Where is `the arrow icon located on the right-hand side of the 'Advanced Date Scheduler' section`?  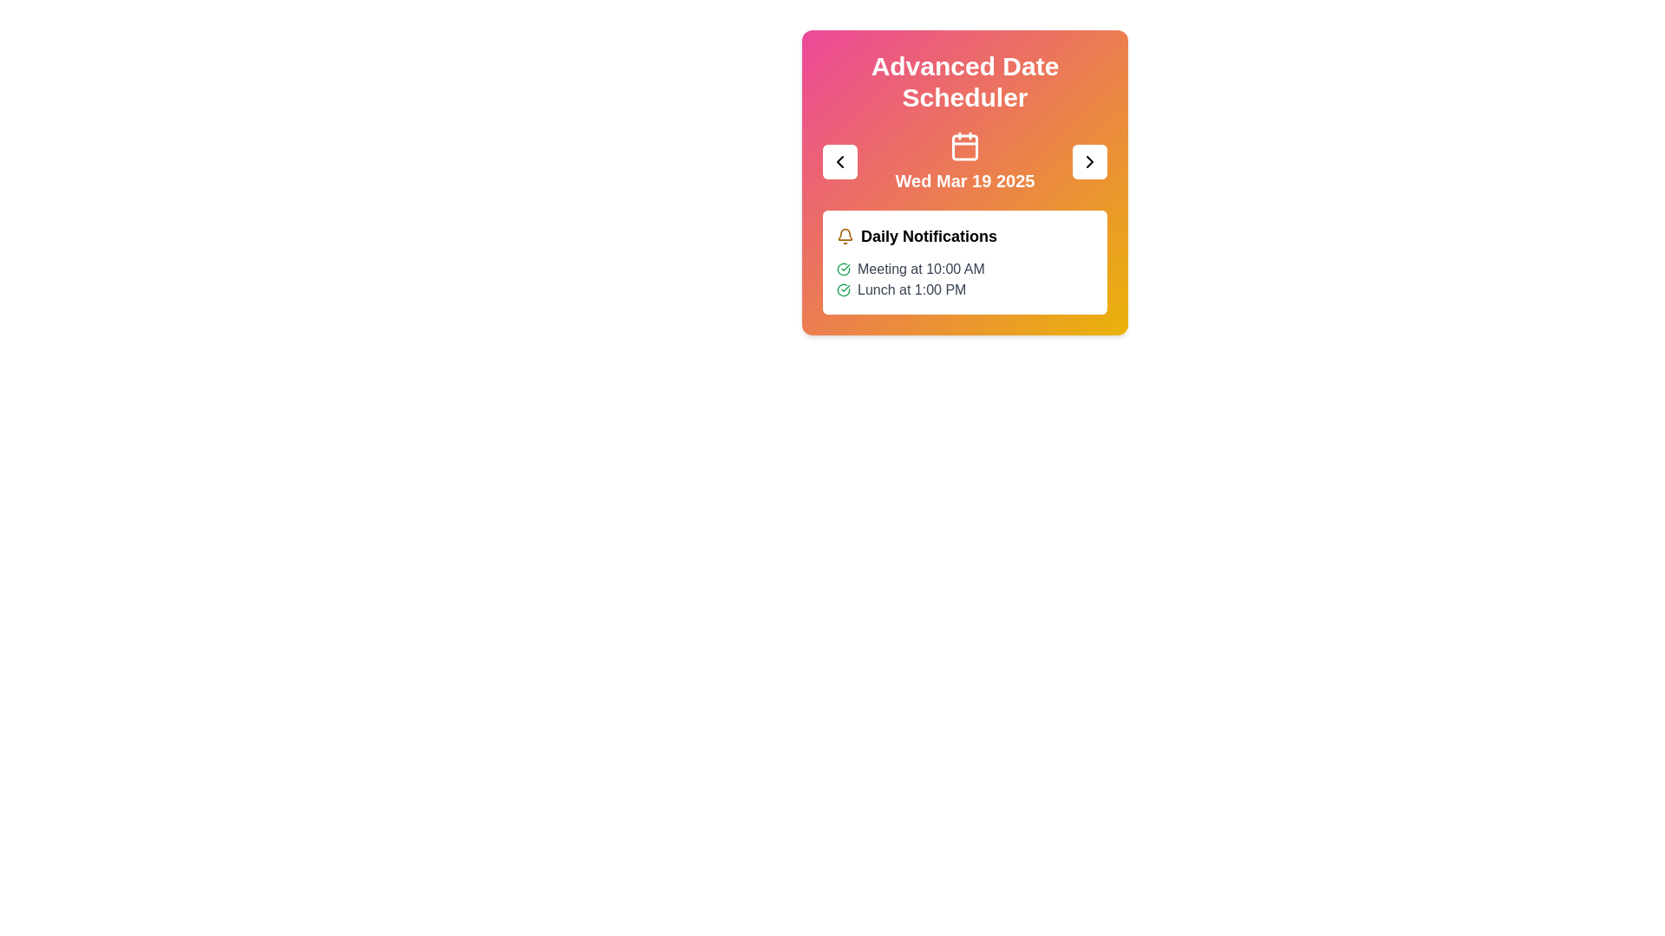 the arrow icon located on the right-hand side of the 'Advanced Date Scheduler' section is located at coordinates (1089, 161).